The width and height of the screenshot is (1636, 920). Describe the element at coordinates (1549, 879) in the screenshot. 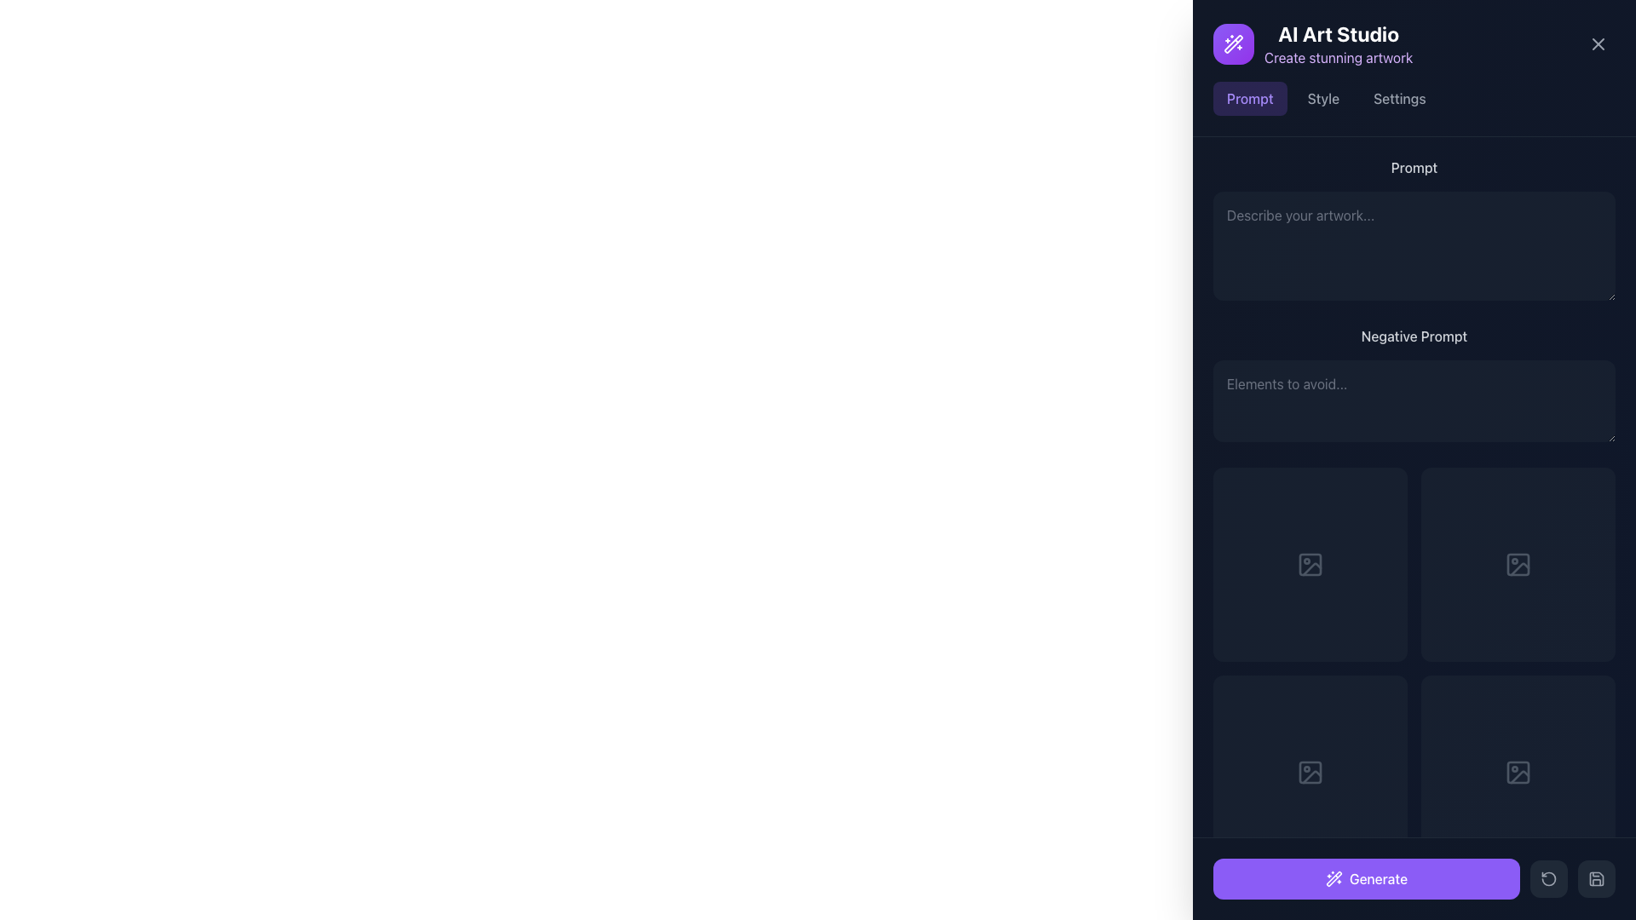

I see `the circular icon button with a dark grey background and a counter-clockwise rotation arrow to observe its hover effect` at that location.